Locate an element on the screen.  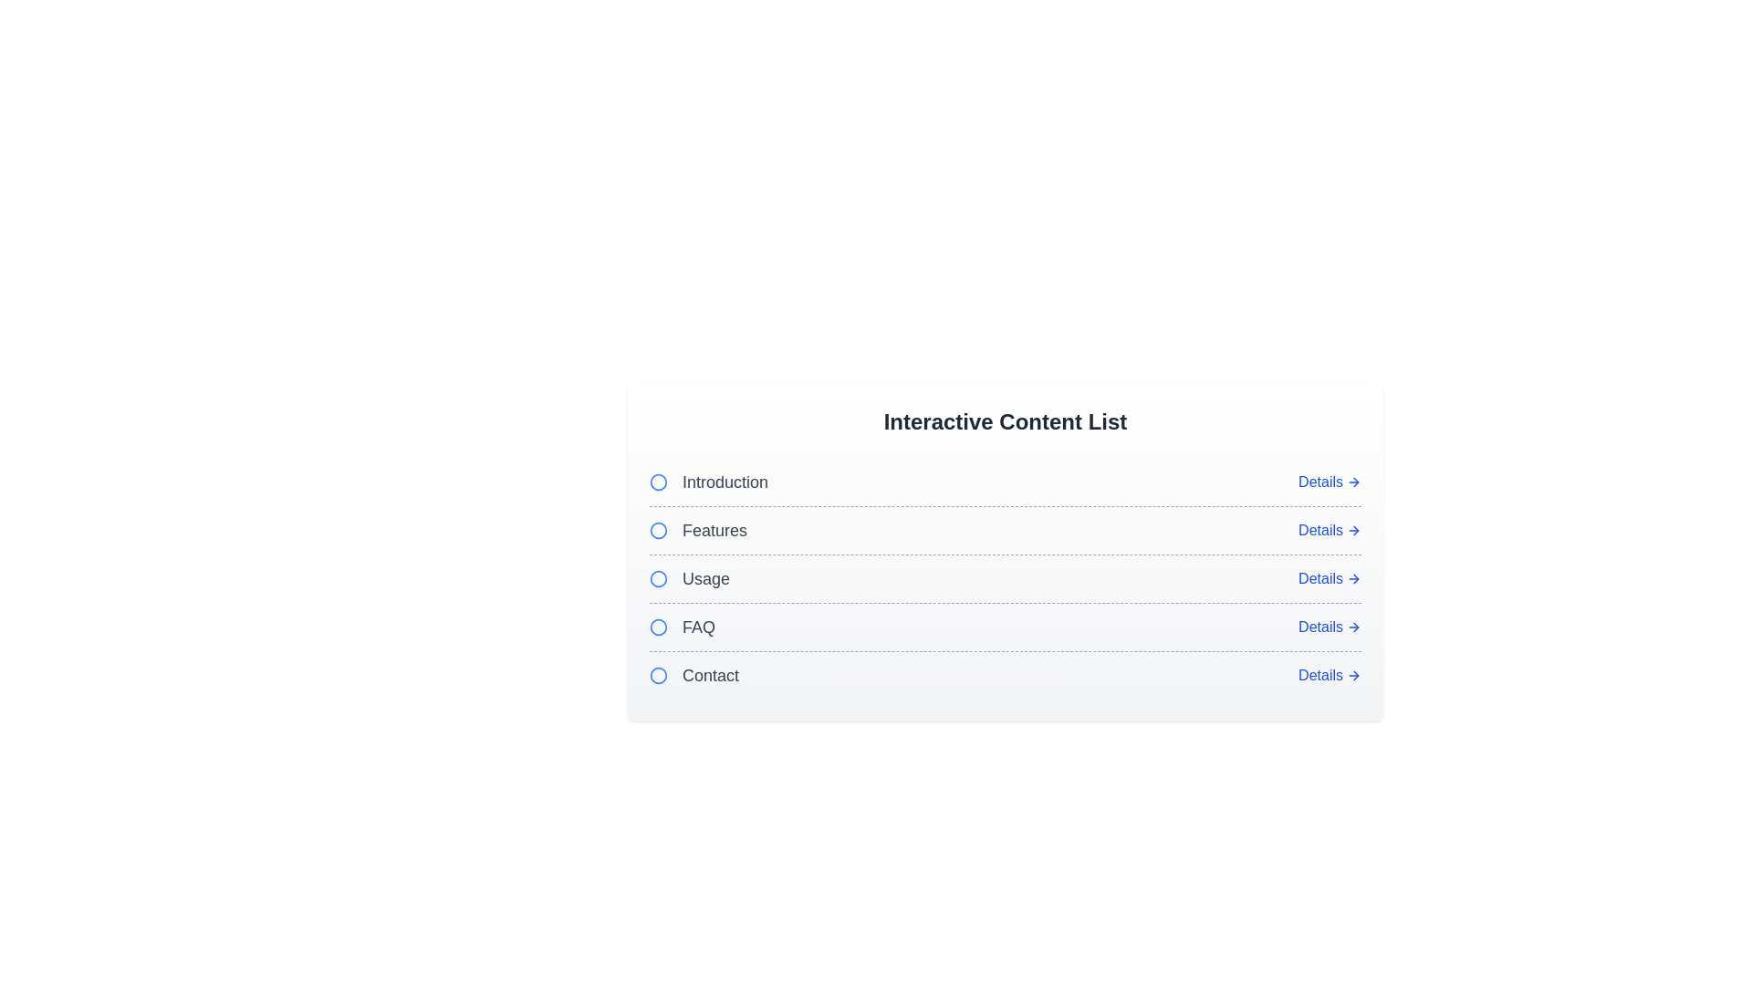
the blue circular graphic that resembles a dot, which is part of the second entry in the interactive content list labeled 'Features' is located at coordinates (657, 531).